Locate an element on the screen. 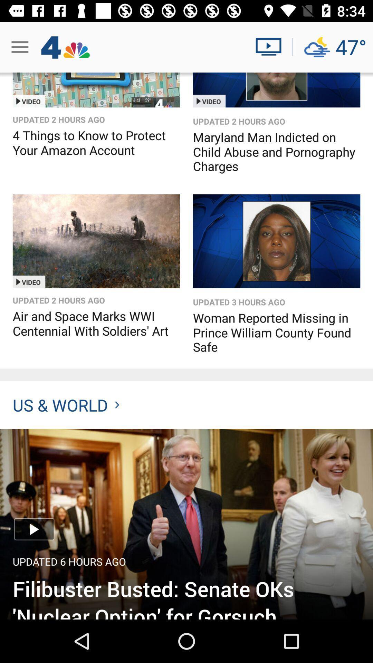 This screenshot has width=373, height=663. link to a page is located at coordinates (96, 89).